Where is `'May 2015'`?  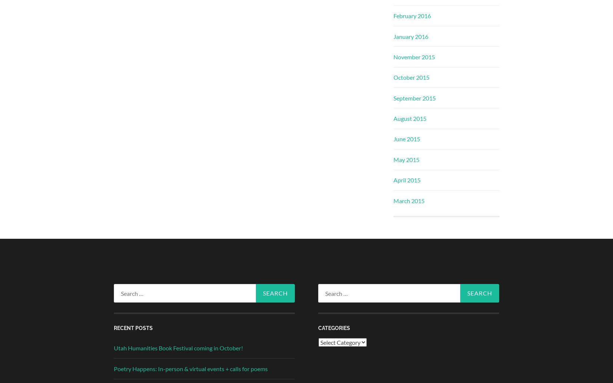 'May 2015' is located at coordinates (406, 159).